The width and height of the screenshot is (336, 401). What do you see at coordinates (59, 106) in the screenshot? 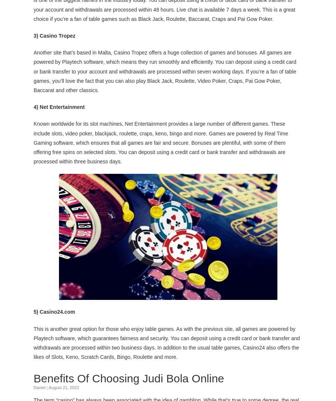
I see `'4) Net Entertainment'` at bounding box center [59, 106].